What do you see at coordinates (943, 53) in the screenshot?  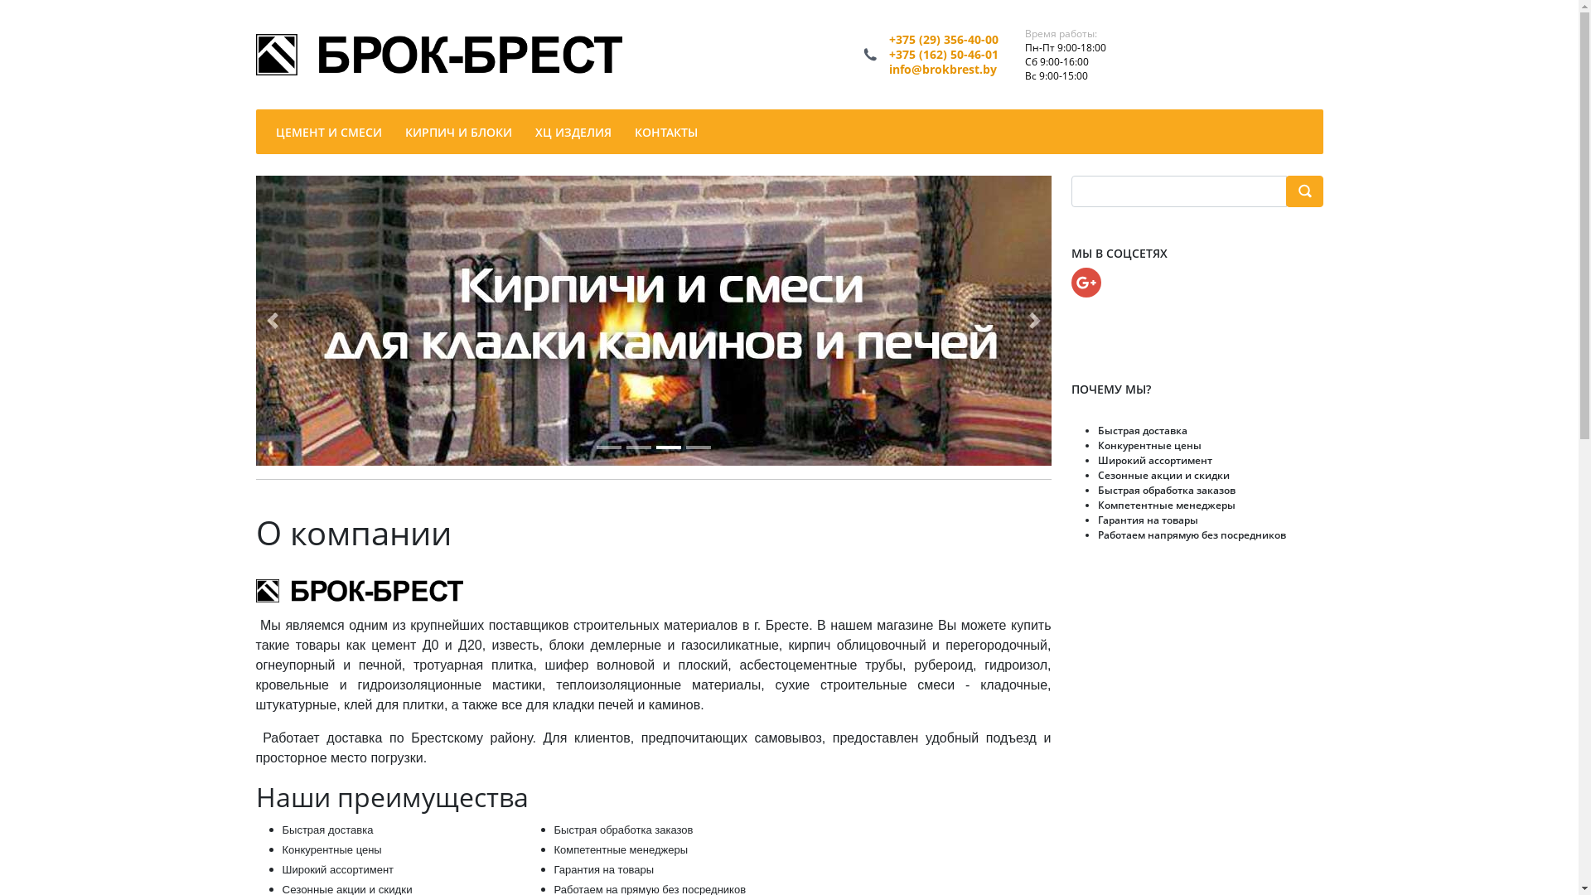 I see `'+375 (162) 50-46-01'` at bounding box center [943, 53].